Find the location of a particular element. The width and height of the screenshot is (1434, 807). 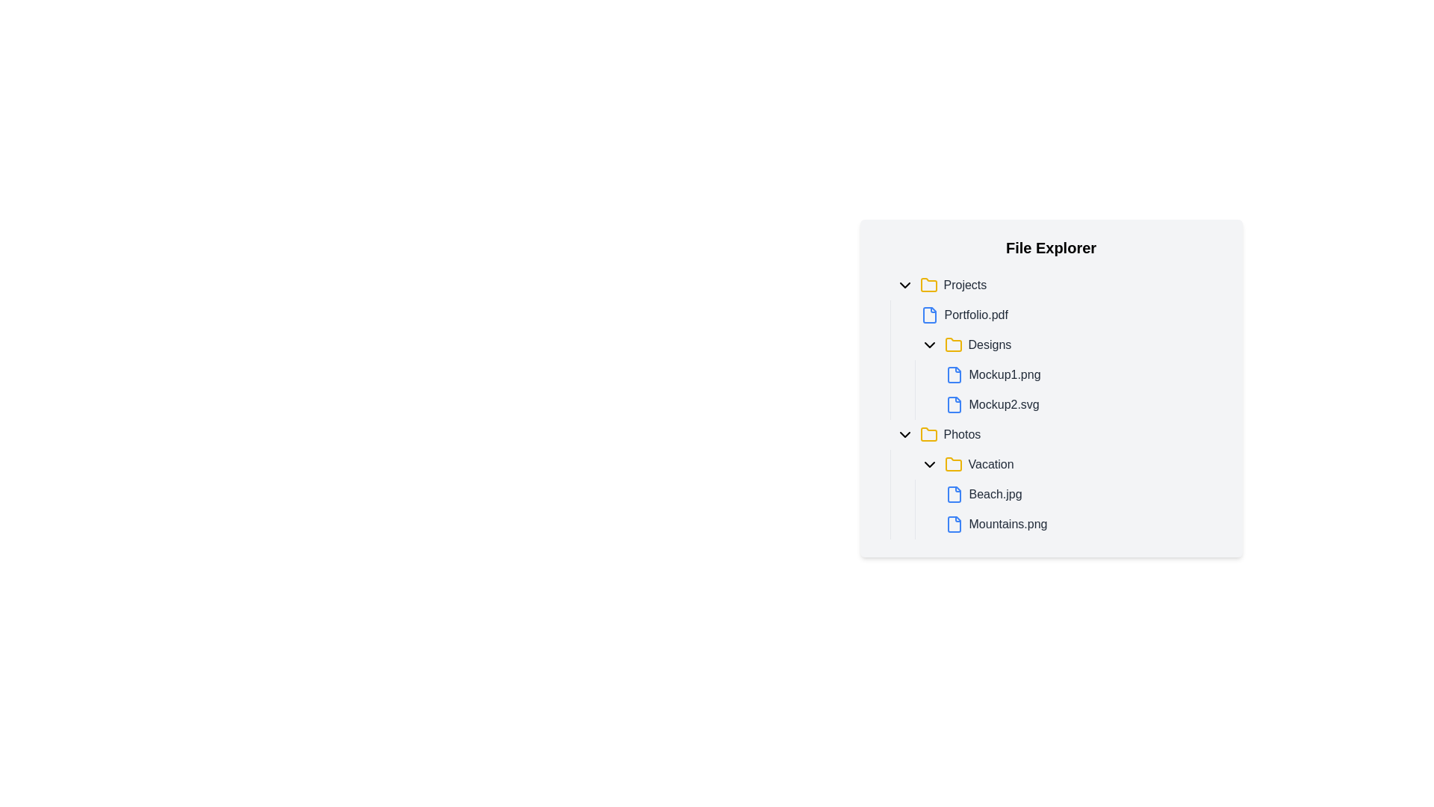

the icon representing the file 'Mountains.png' located in the 'Photos > Vacation' folder section of the file explorer is located at coordinates (953, 524).